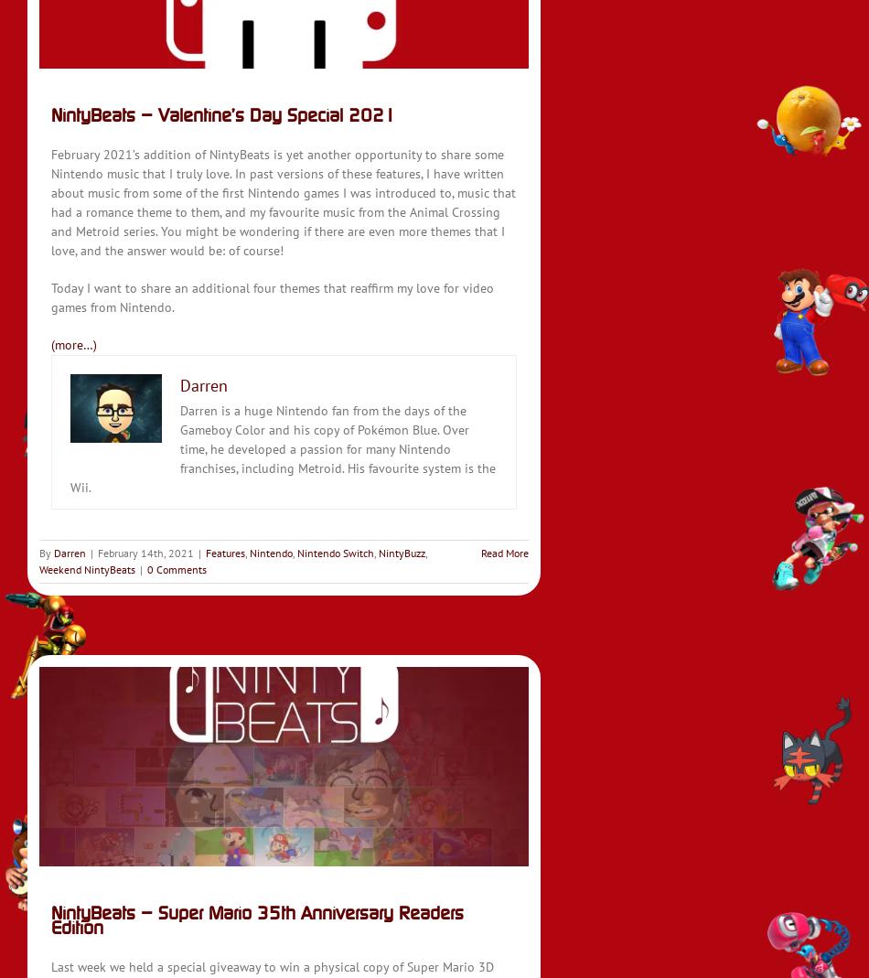 This screenshot has width=869, height=978. Describe the element at coordinates (145, 553) in the screenshot. I see `'February 14th, 2021'` at that location.